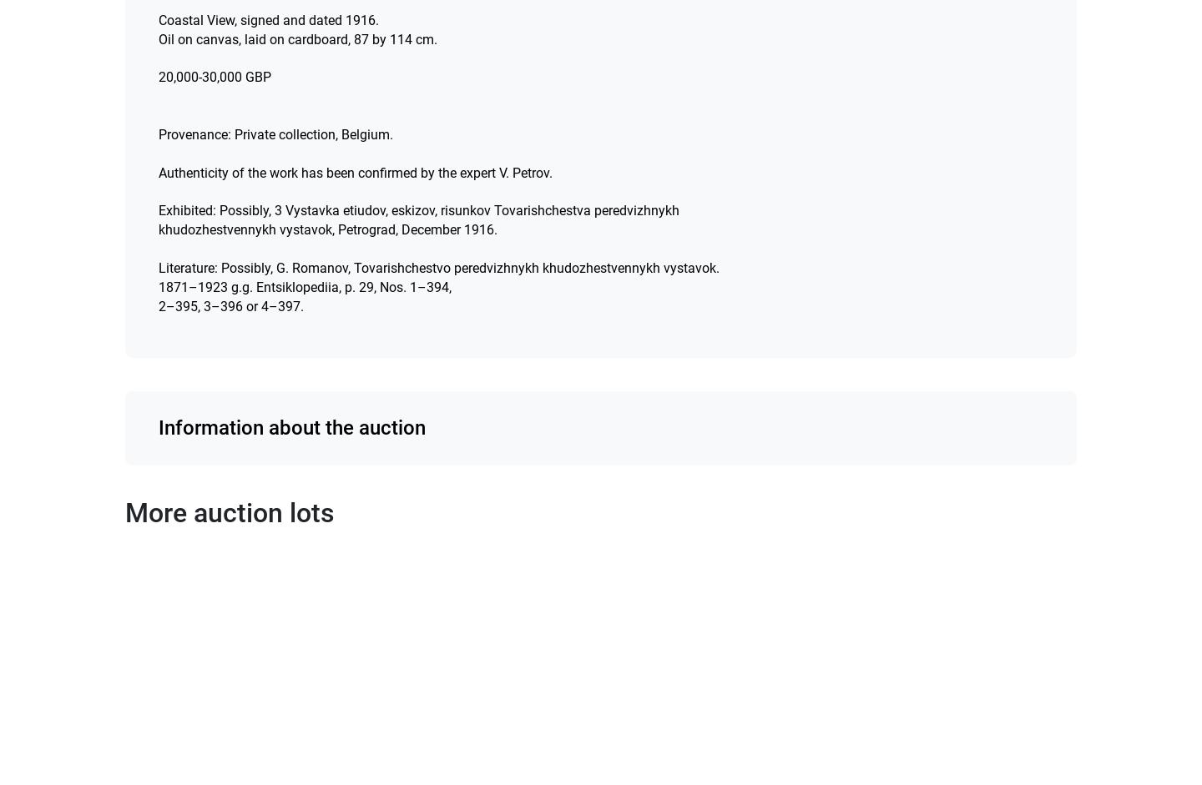 The height and width of the screenshot is (785, 1202). I want to click on '2–395, 3–396 or 4–397.', so click(230, 305).